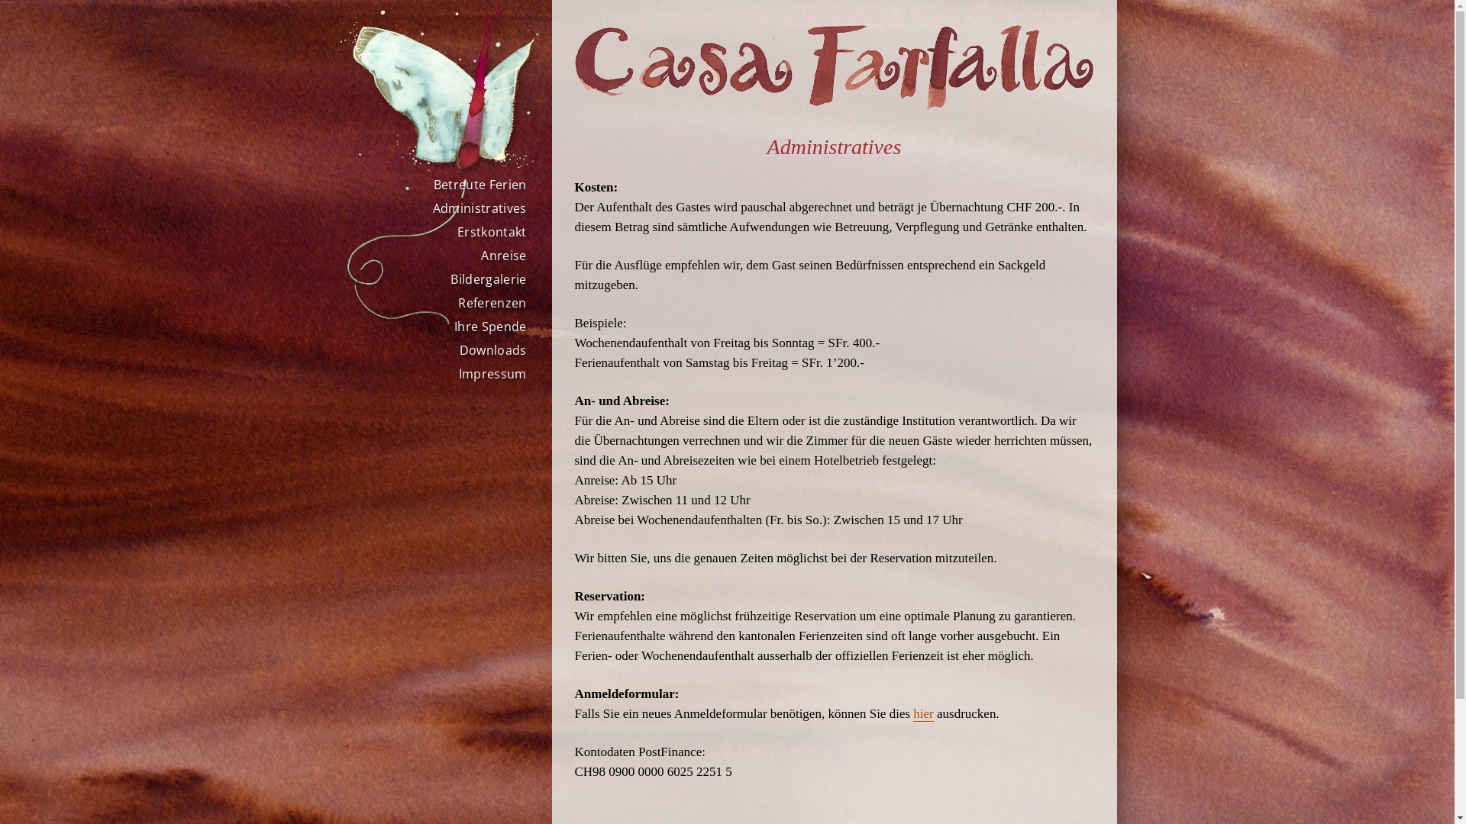  Describe the element at coordinates (490, 326) in the screenshot. I see `'Ihre Spende'` at that location.